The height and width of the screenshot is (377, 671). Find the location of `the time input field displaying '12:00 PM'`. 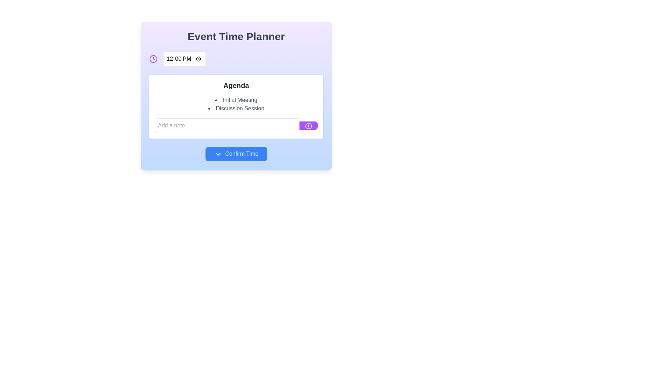

the time input field displaying '12:00 PM' is located at coordinates (184, 59).